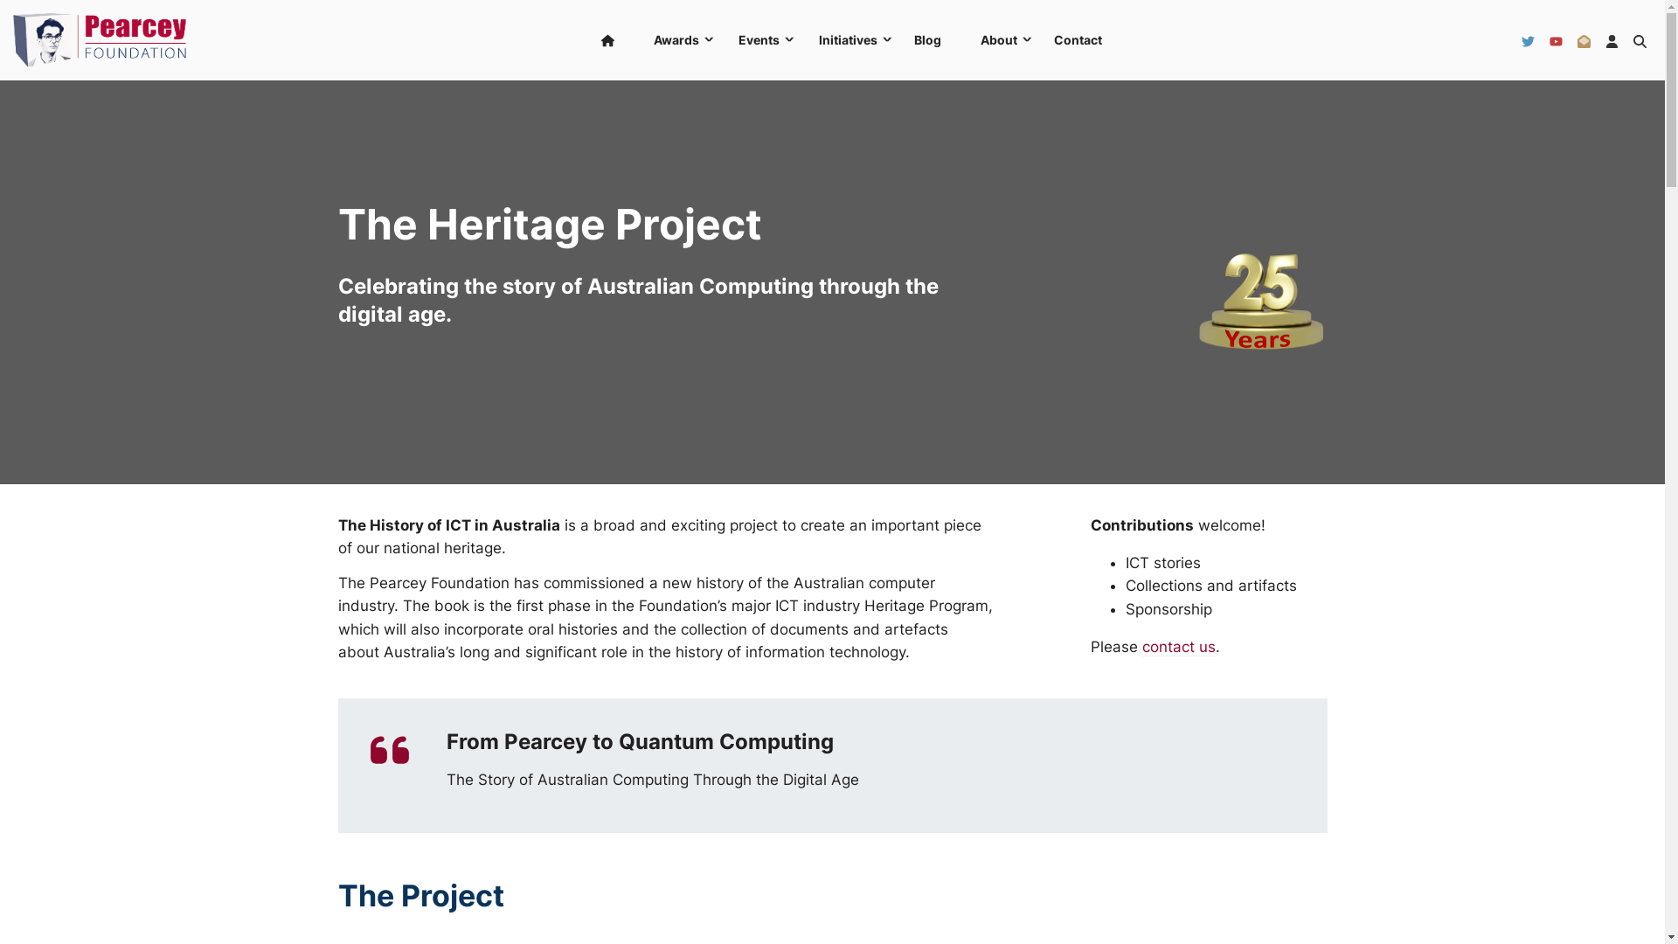  Describe the element at coordinates (959, 39) in the screenshot. I see `'About'` at that location.